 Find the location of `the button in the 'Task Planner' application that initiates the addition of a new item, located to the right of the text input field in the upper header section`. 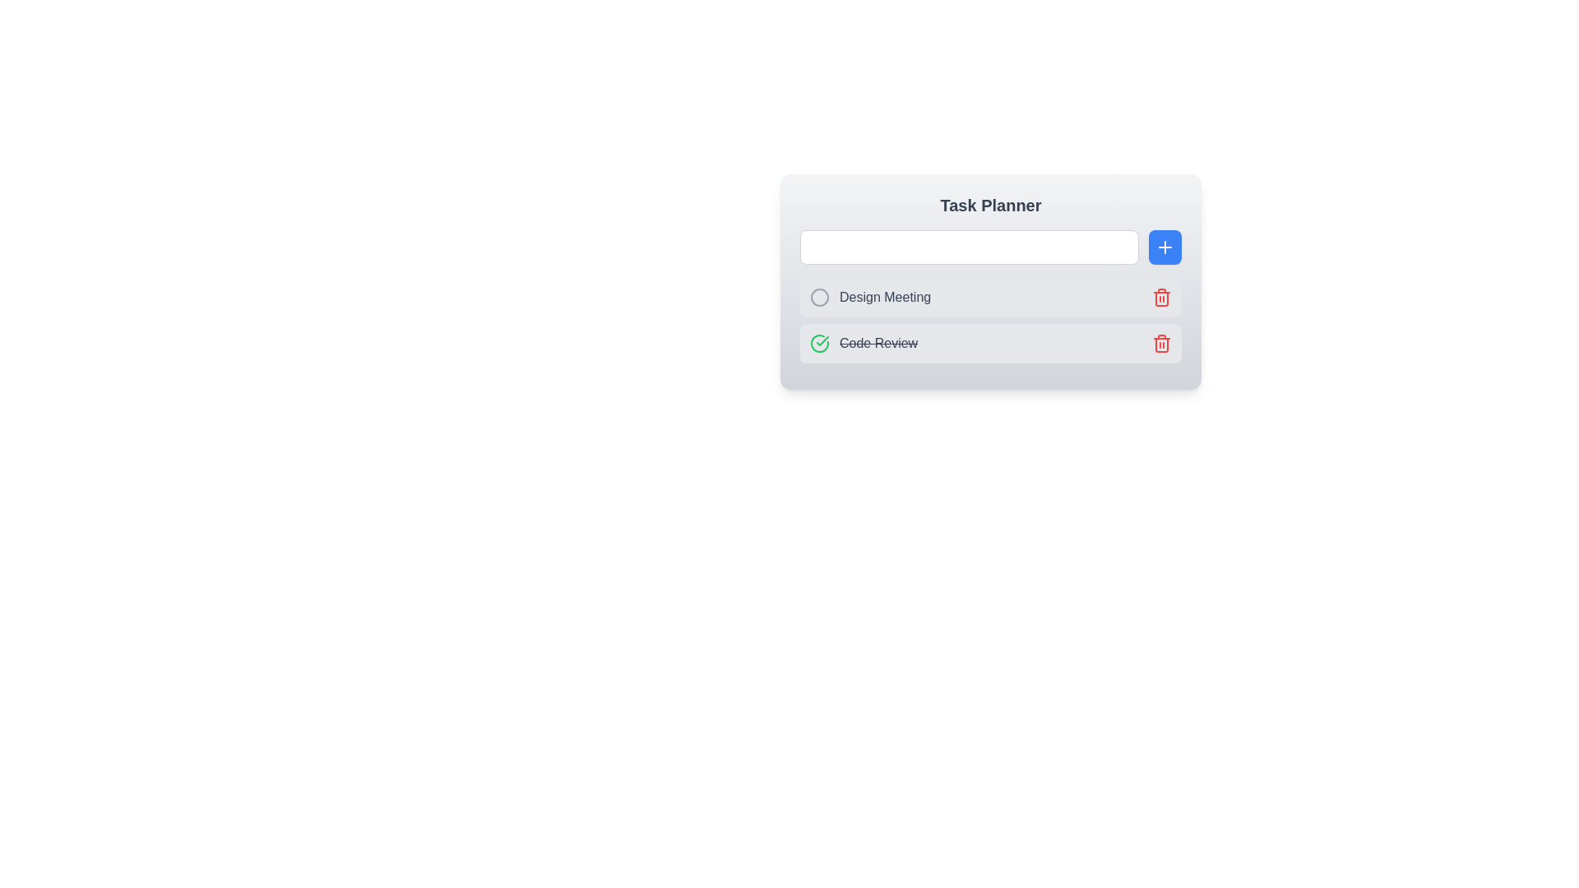

the button in the 'Task Planner' application that initiates the addition of a new item, located to the right of the text input field in the upper header section is located at coordinates (1164, 247).